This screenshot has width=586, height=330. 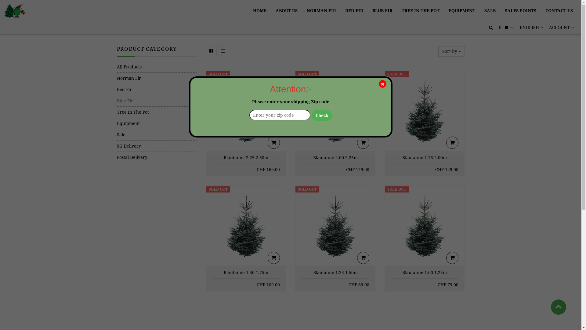 I want to click on '0', so click(x=506, y=27).